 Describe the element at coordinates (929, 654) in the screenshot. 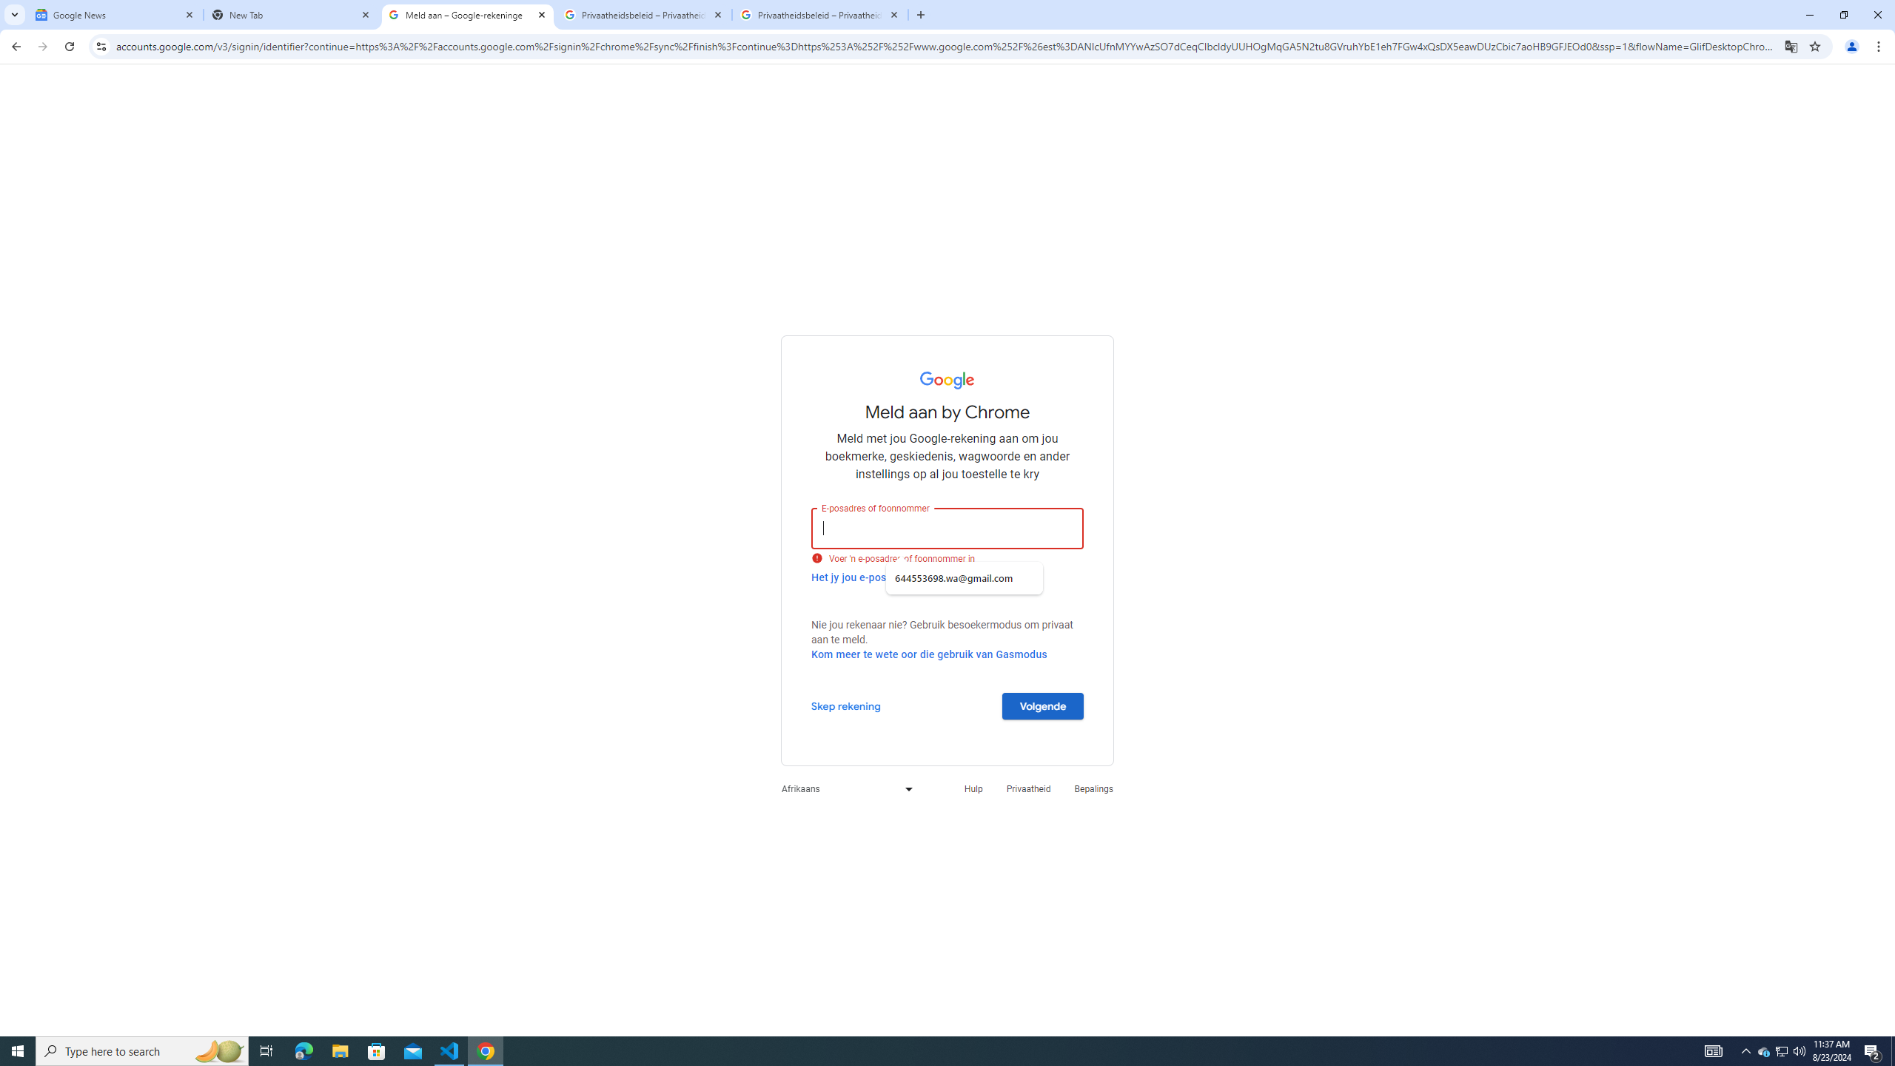

I see `'Kom meer te wete oor die gebruik van Gasmodus'` at that location.